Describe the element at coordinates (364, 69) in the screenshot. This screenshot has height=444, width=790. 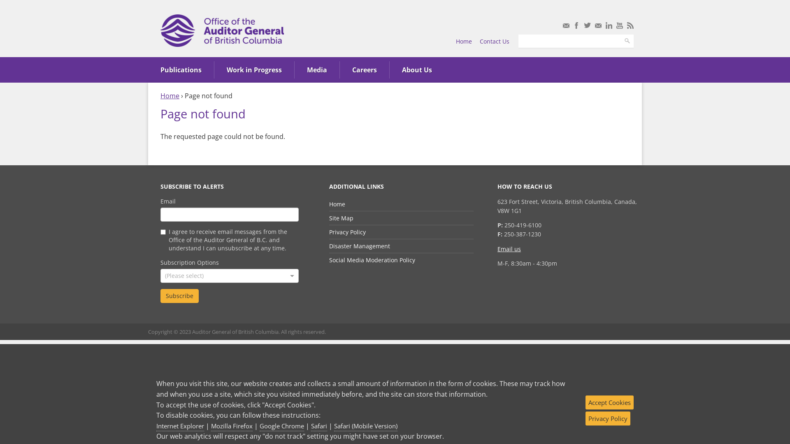
I see `'Careers'` at that location.